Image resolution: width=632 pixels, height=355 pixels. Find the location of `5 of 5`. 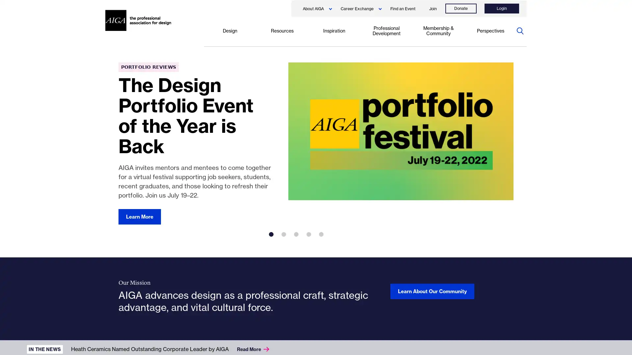

5 of 5 is located at coordinates (321, 234).